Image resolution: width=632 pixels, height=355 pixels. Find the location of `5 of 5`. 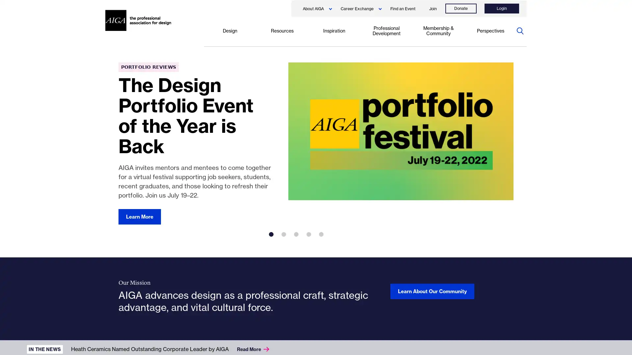

5 of 5 is located at coordinates (321, 234).